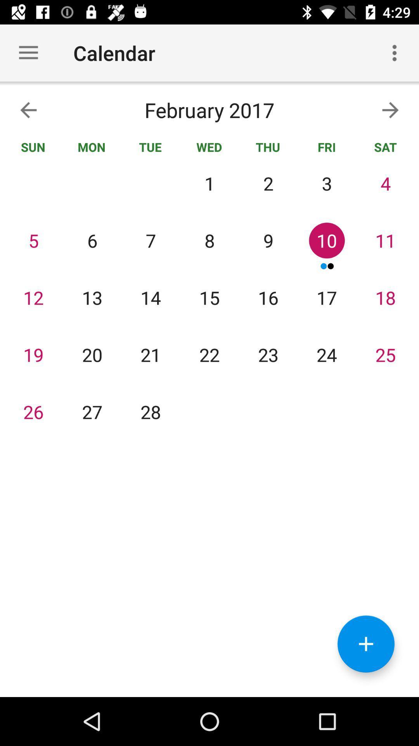 Image resolution: width=419 pixels, height=746 pixels. What do you see at coordinates (366, 644) in the screenshot?
I see `event` at bounding box center [366, 644].